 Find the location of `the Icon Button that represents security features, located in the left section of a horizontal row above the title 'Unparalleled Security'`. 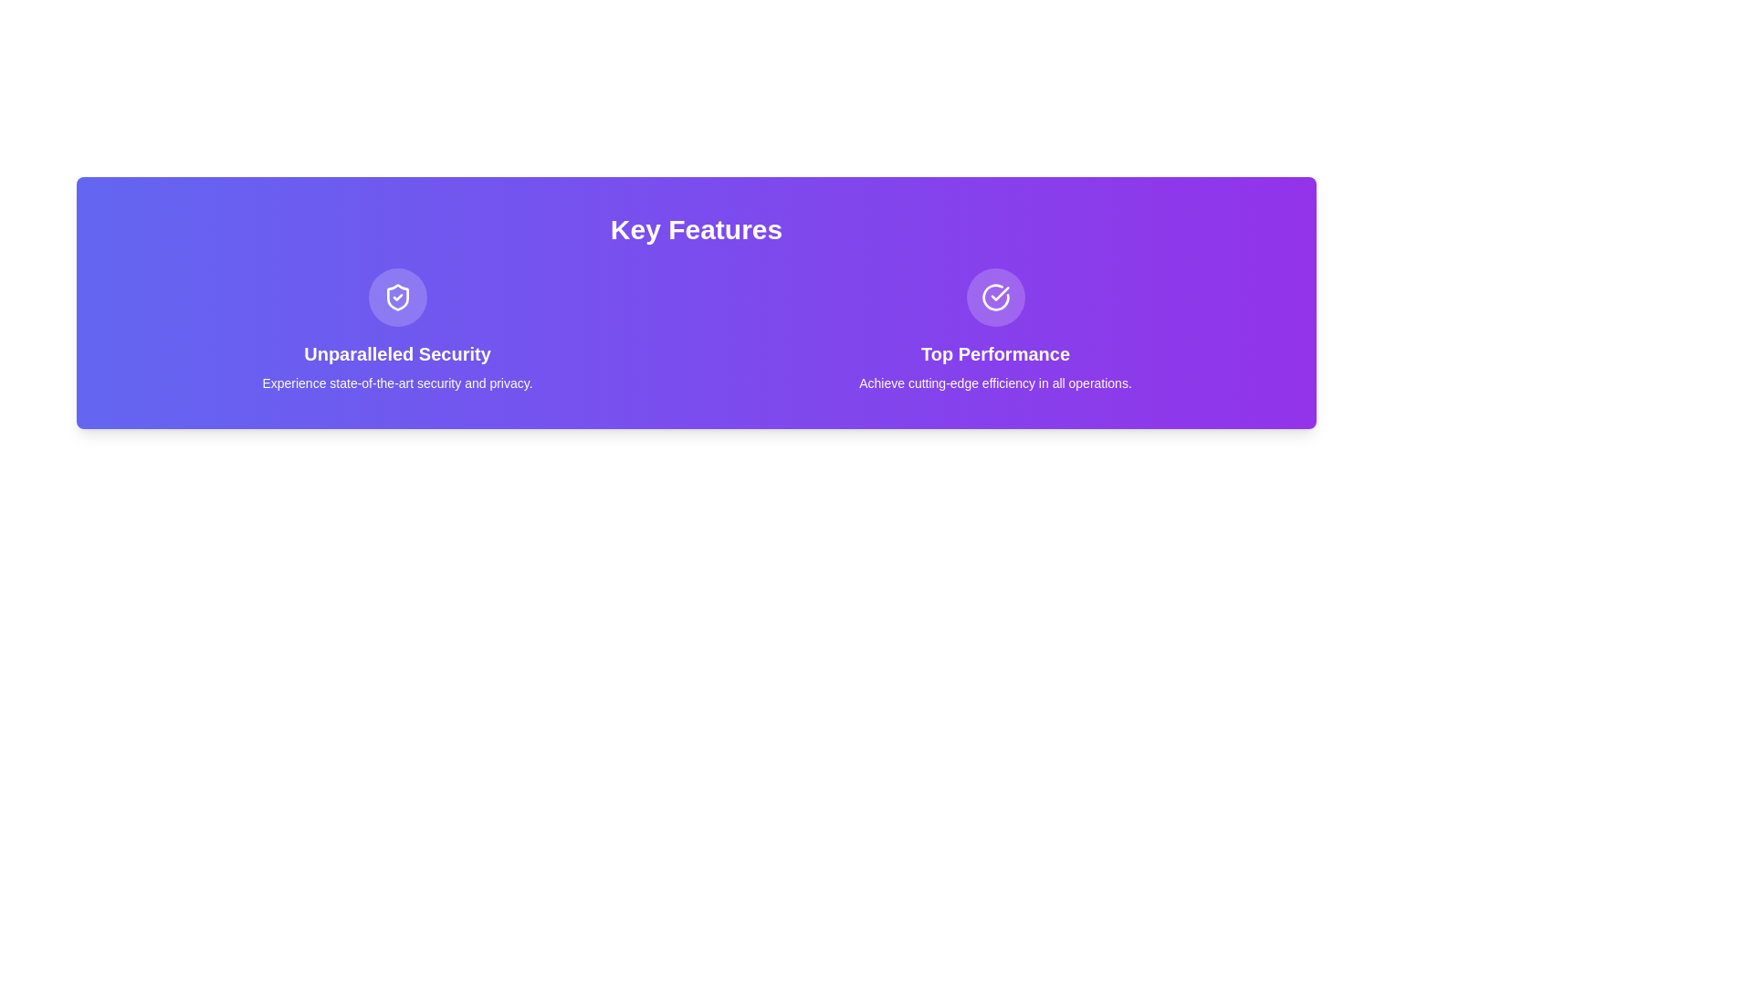

the Icon Button that represents security features, located in the left section of a horizontal row above the title 'Unparalleled Security' is located at coordinates (396, 297).